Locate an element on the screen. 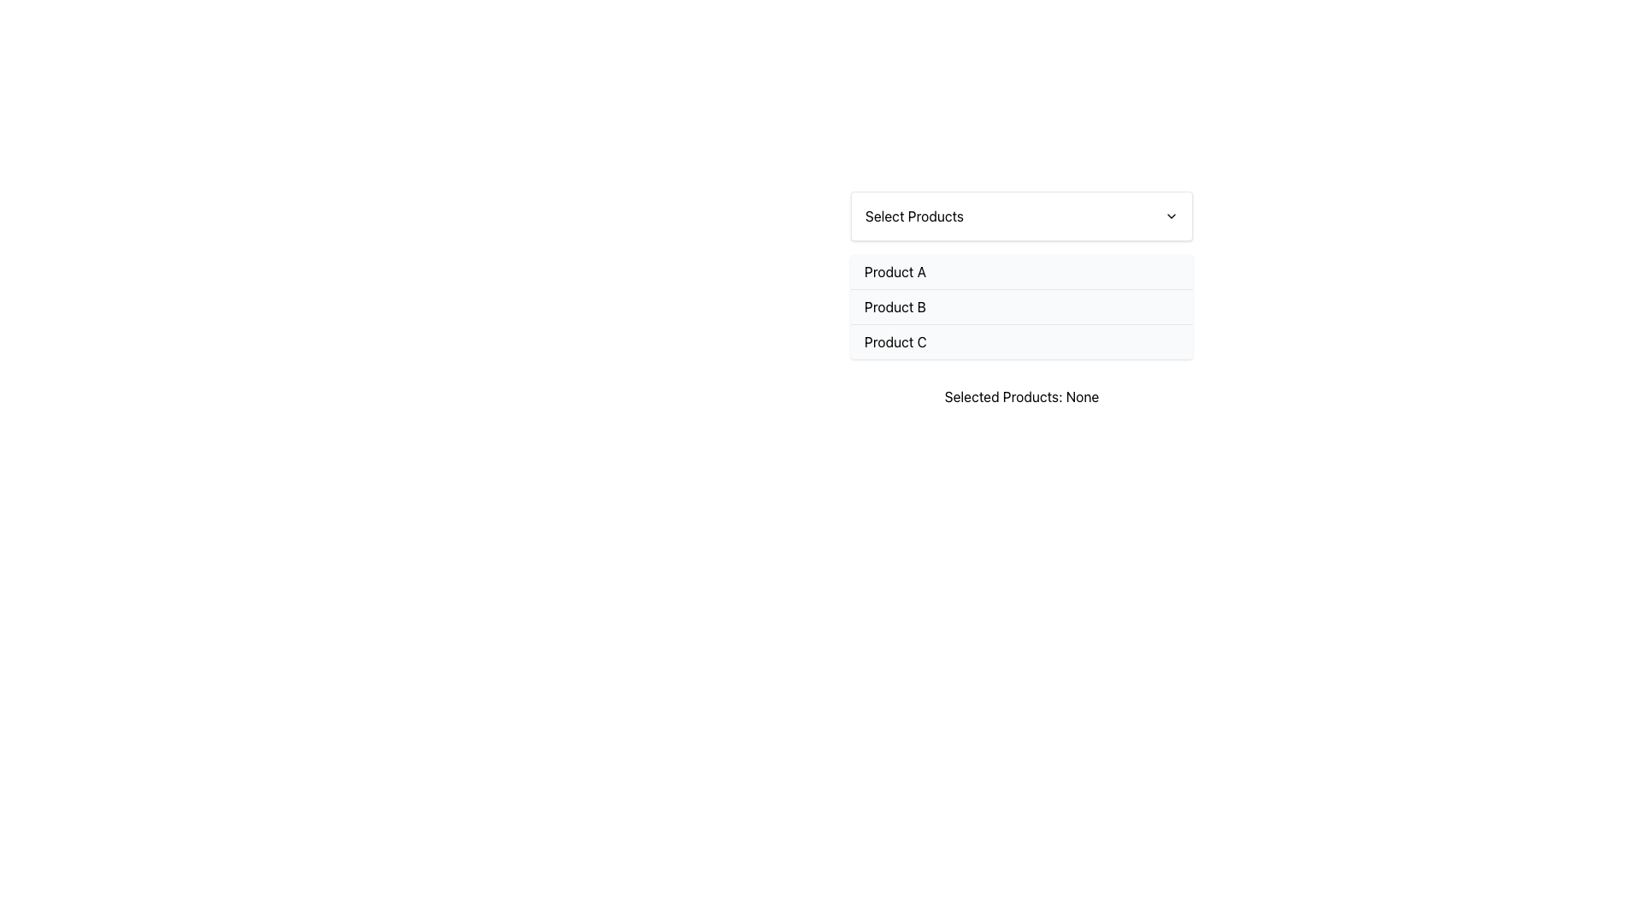  the second selectable text option labeled under the dropdown menu 'Select Products' is located at coordinates (894, 305).